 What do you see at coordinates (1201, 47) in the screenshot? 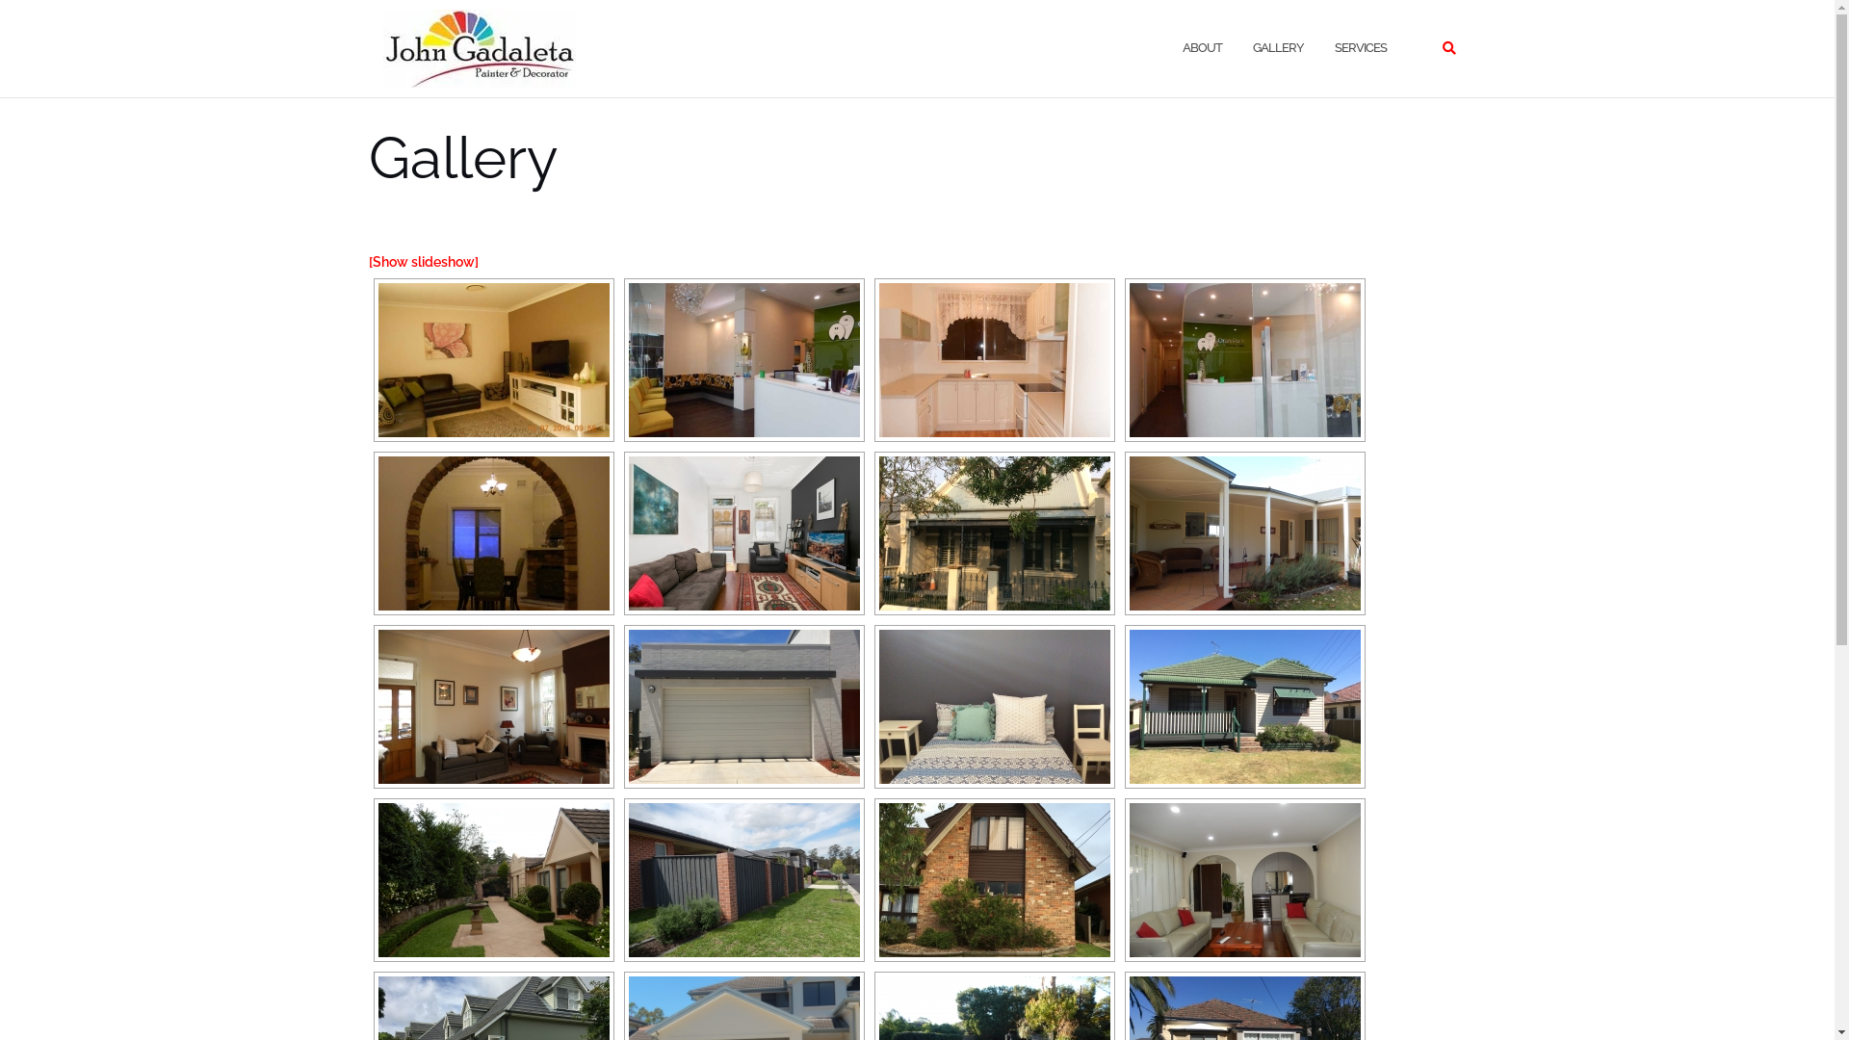
I see `'ABOUT'` at bounding box center [1201, 47].